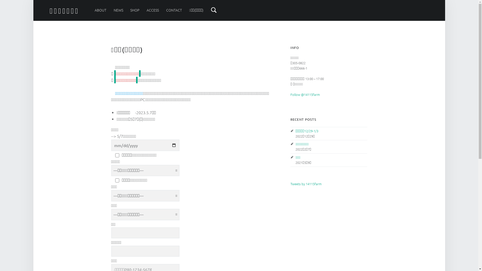  Describe the element at coordinates (152, 10) in the screenshot. I see `'ACCESS'` at that location.